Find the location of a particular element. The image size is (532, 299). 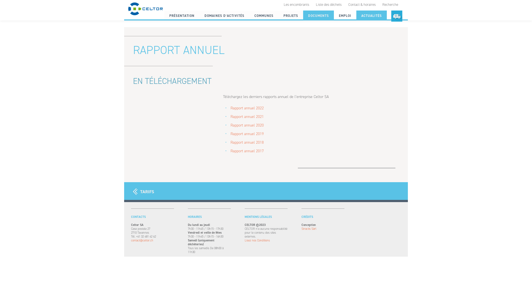

'contact@celtor.ch' is located at coordinates (152, 240).